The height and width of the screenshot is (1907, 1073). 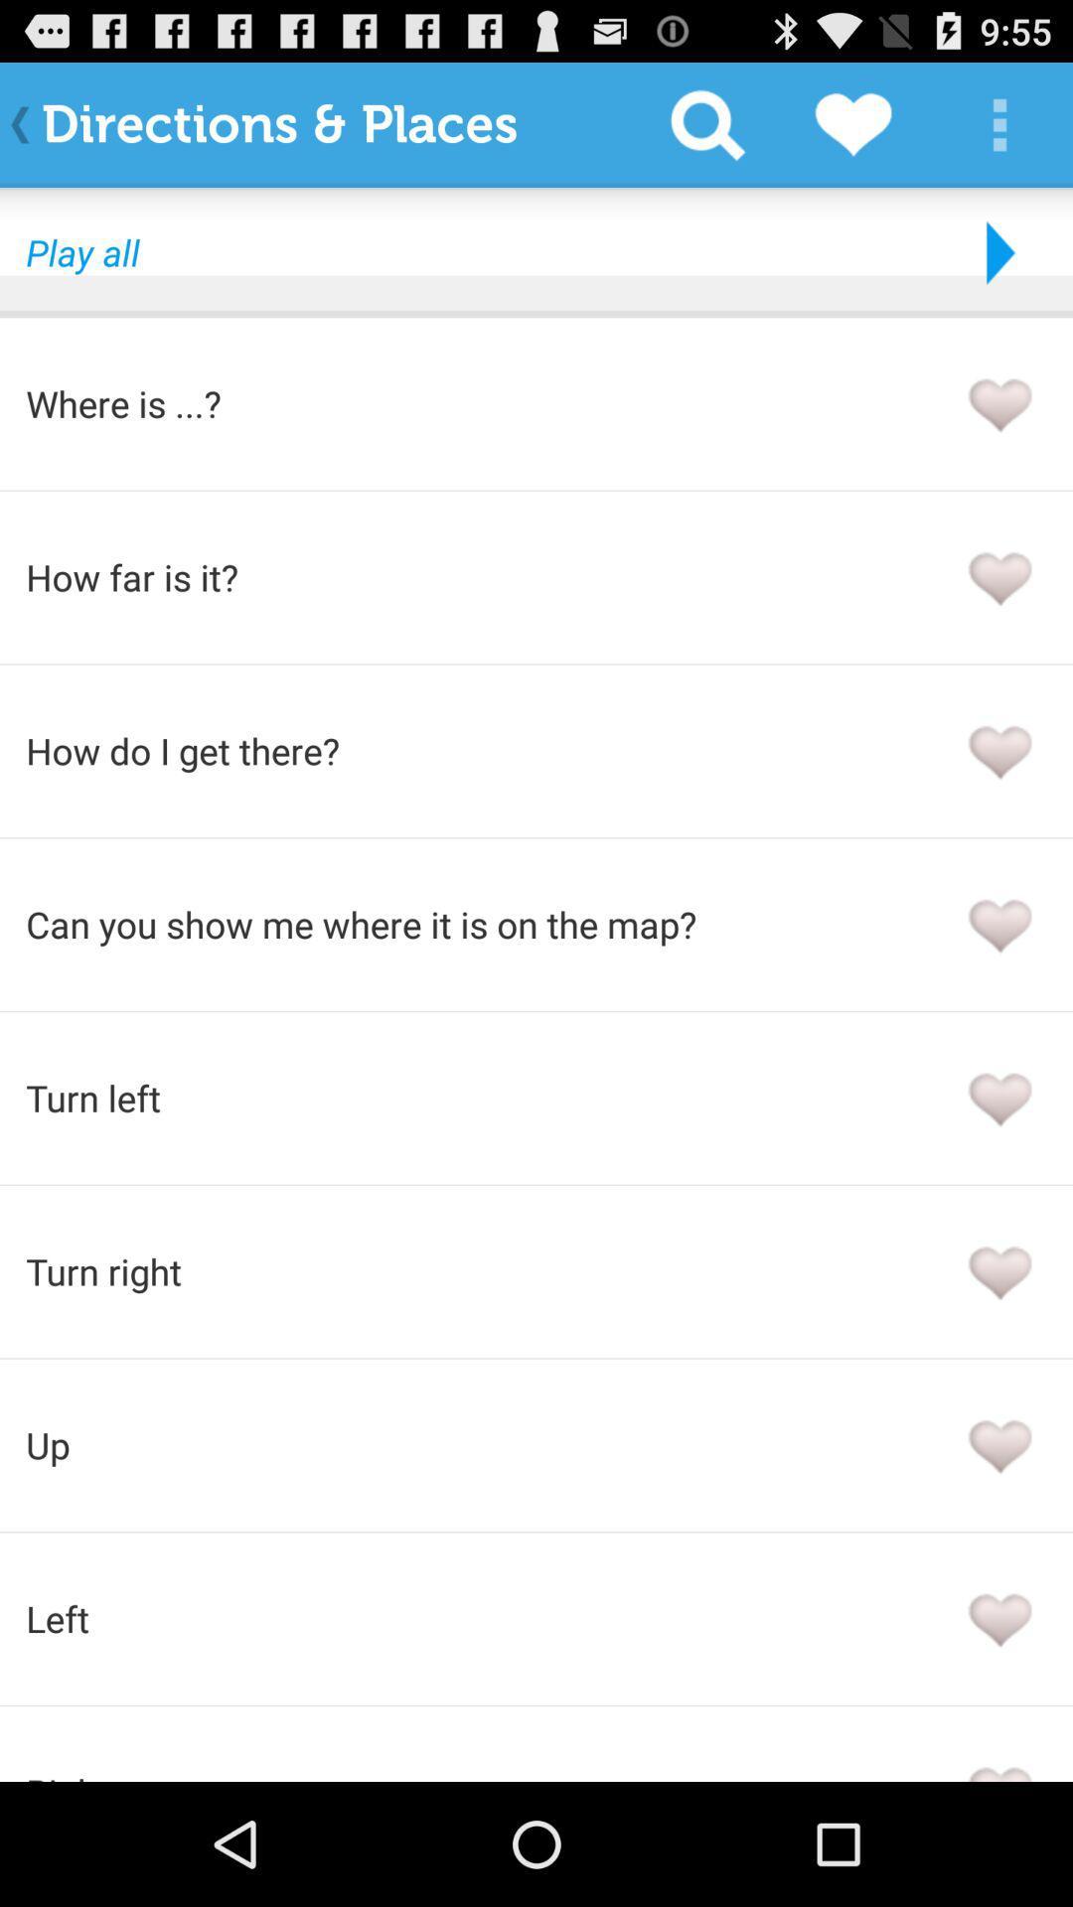 What do you see at coordinates (996, 269) in the screenshot?
I see `the play icon` at bounding box center [996, 269].